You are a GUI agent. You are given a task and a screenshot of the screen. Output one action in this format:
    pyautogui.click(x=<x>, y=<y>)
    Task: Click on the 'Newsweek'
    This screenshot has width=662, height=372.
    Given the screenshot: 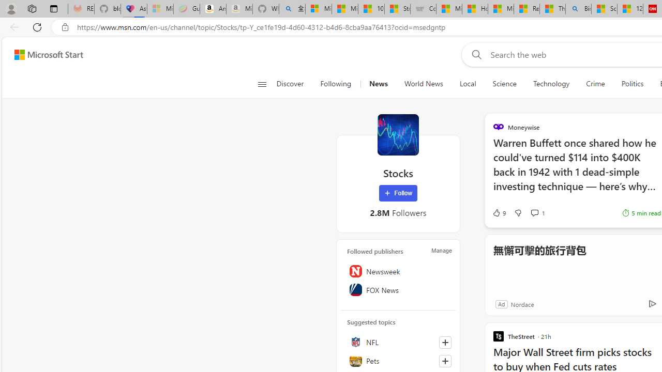 What is the action you would take?
    pyautogui.click(x=398, y=271)
    